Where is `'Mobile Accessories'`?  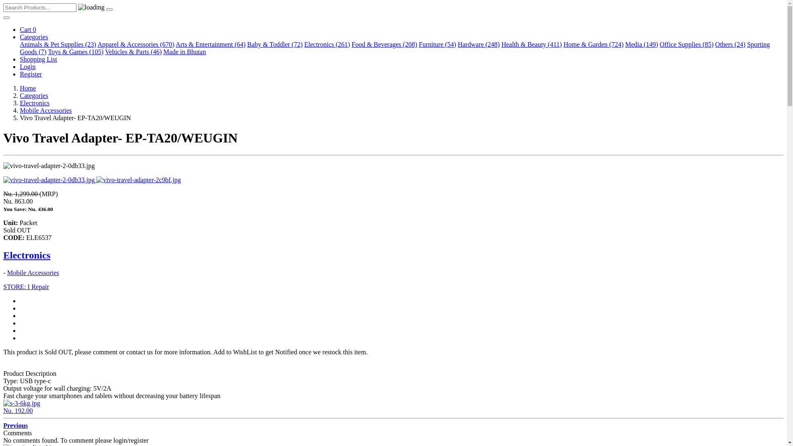
'Mobile Accessories' is located at coordinates (33, 273).